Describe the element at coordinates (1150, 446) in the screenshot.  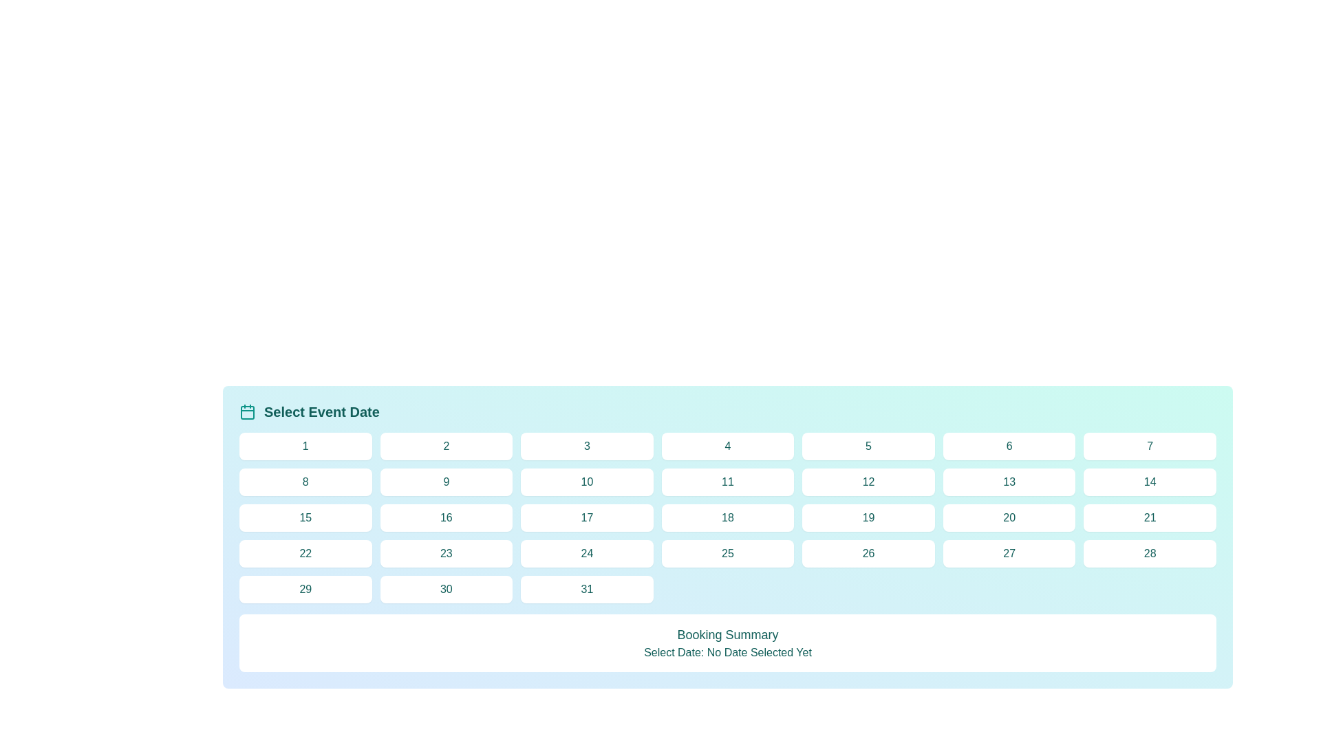
I see `the button representing the number '7' in the grid layout` at that location.